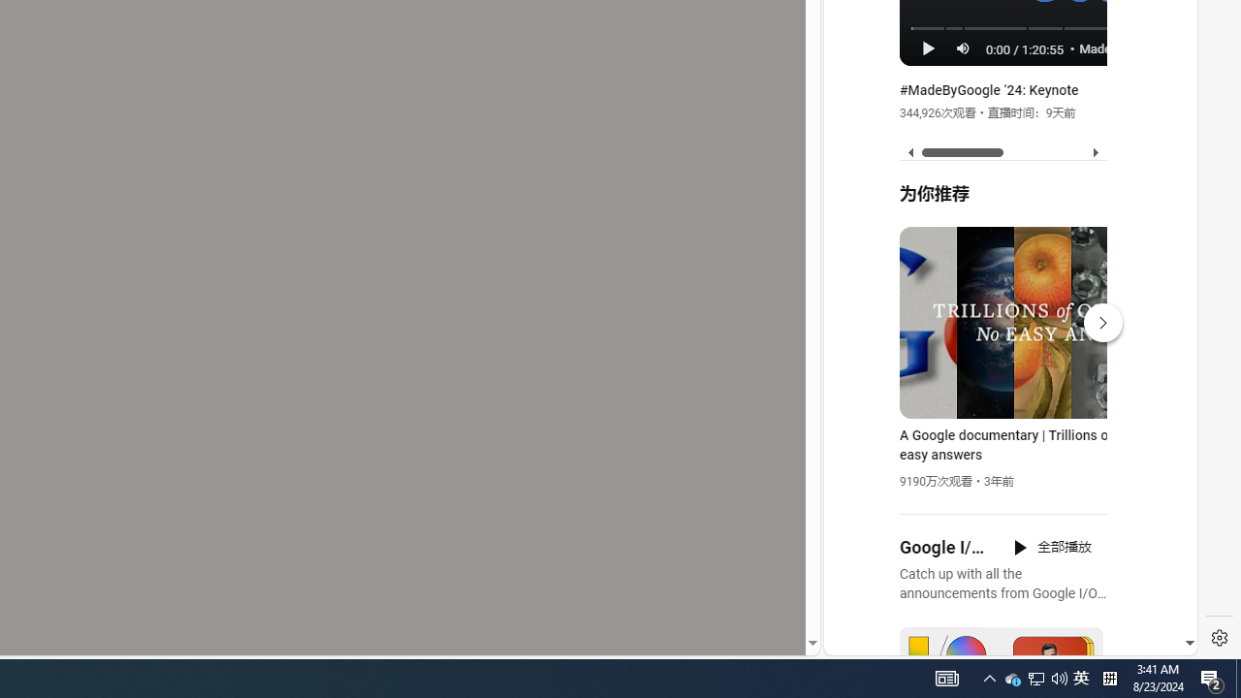  I want to click on 'Click to scroll right', so click(1160, 79).